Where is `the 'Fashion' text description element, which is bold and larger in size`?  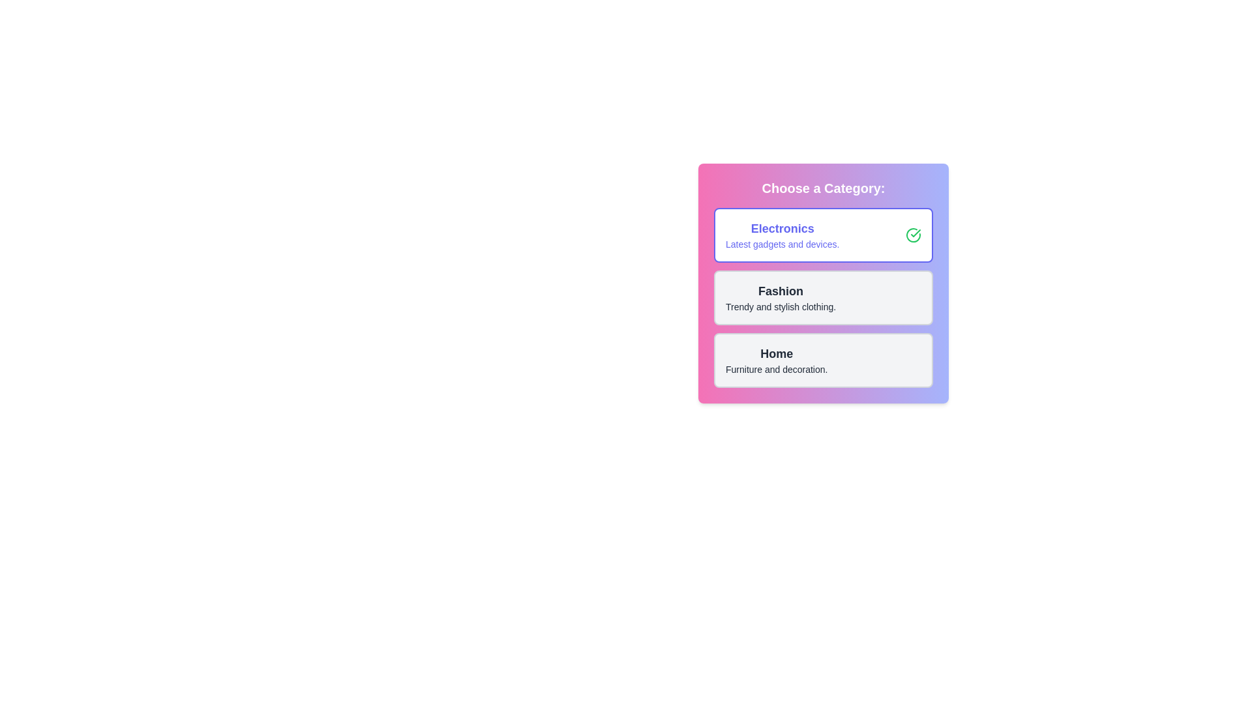
the 'Fashion' text description element, which is bold and larger in size is located at coordinates (781, 297).